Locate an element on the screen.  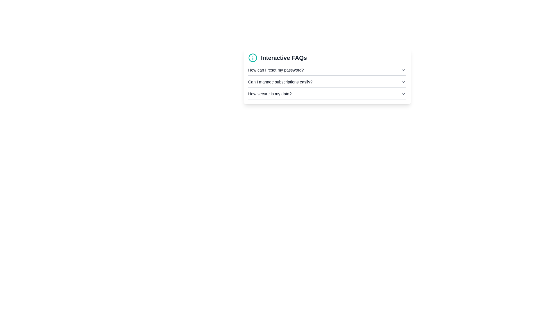
the chevron icon located at the rightmost part of the row containing the text 'How can I reset my password?' in the FAQ section is located at coordinates (403, 69).